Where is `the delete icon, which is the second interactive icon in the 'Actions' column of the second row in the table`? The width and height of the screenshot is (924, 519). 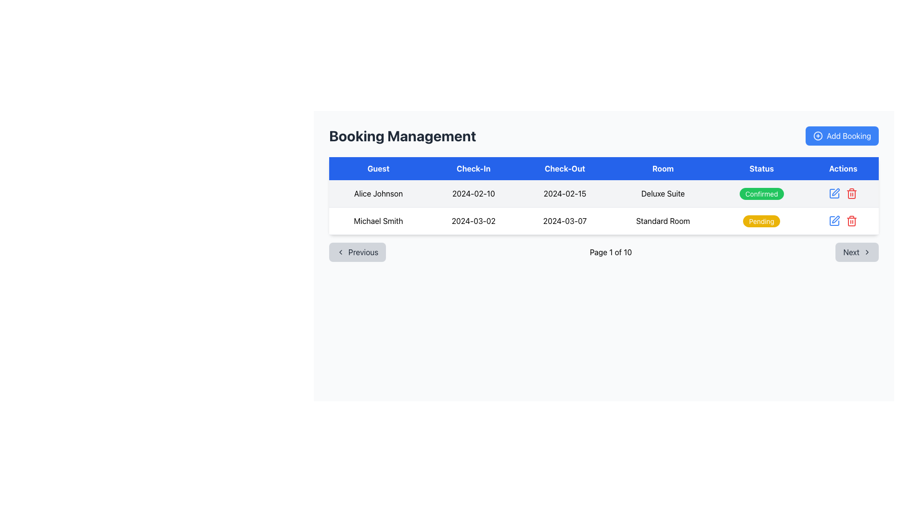 the delete icon, which is the second interactive icon in the 'Actions' column of the second row in the table is located at coordinates (852, 193).